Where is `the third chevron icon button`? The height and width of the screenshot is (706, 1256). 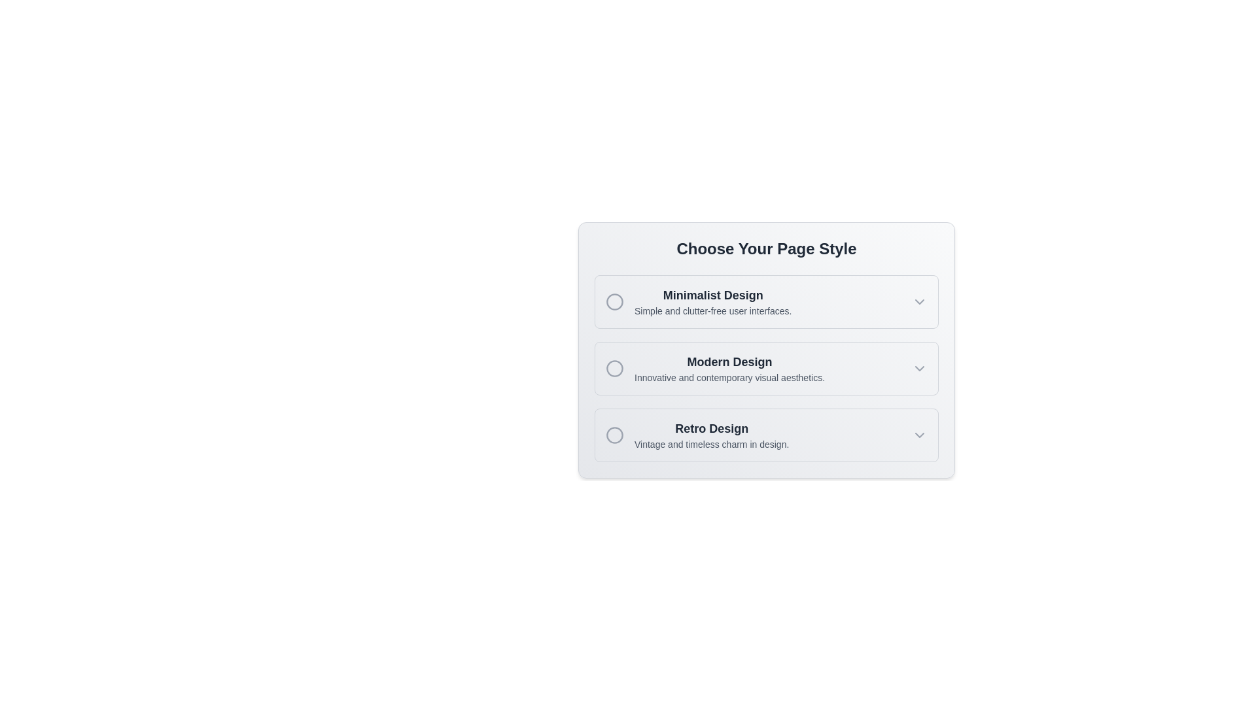 the third chevron icon button is located at coordinates (919, 435).